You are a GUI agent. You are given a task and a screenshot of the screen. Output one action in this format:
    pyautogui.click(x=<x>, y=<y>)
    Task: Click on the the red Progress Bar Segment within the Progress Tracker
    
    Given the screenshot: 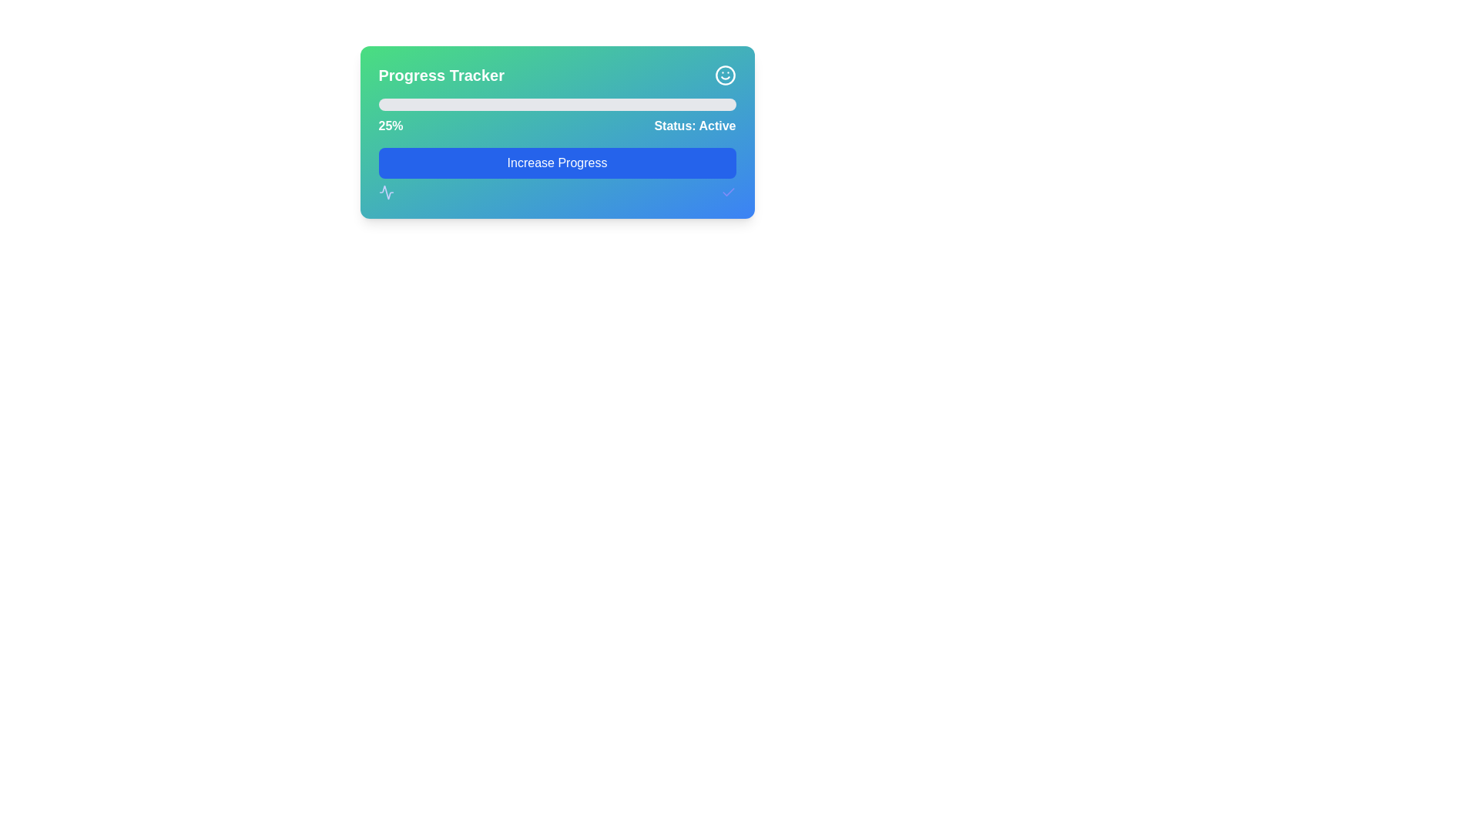 What is the action you would take?
    pyautogui.click(x=423, y=104)
    